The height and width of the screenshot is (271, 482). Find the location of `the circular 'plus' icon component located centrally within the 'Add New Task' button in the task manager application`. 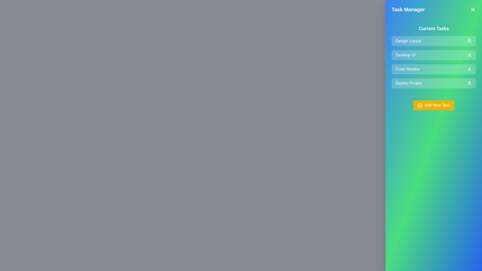

the circular 'plus' icon component located centrally within the 'Add New Task' button in the task manager application is located at coordinates (420, 105).